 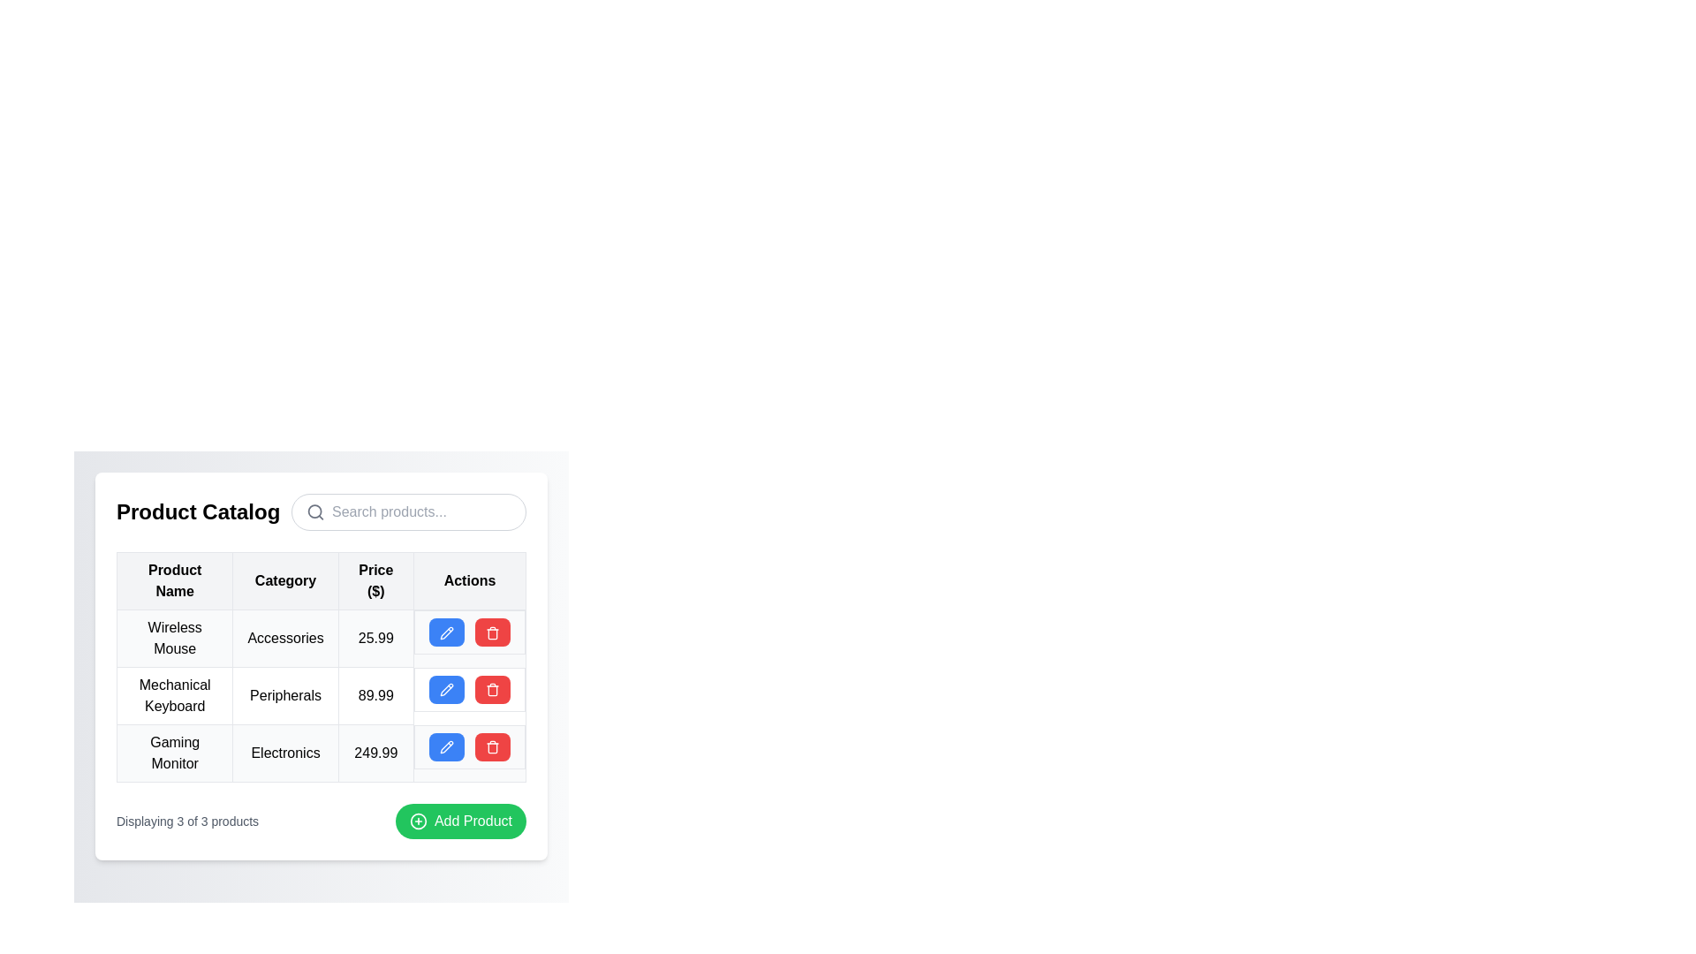 I want to click on the edit button located in the center of the 'Actions' column of the first row in the displayed table, so click(x=446, y=632).